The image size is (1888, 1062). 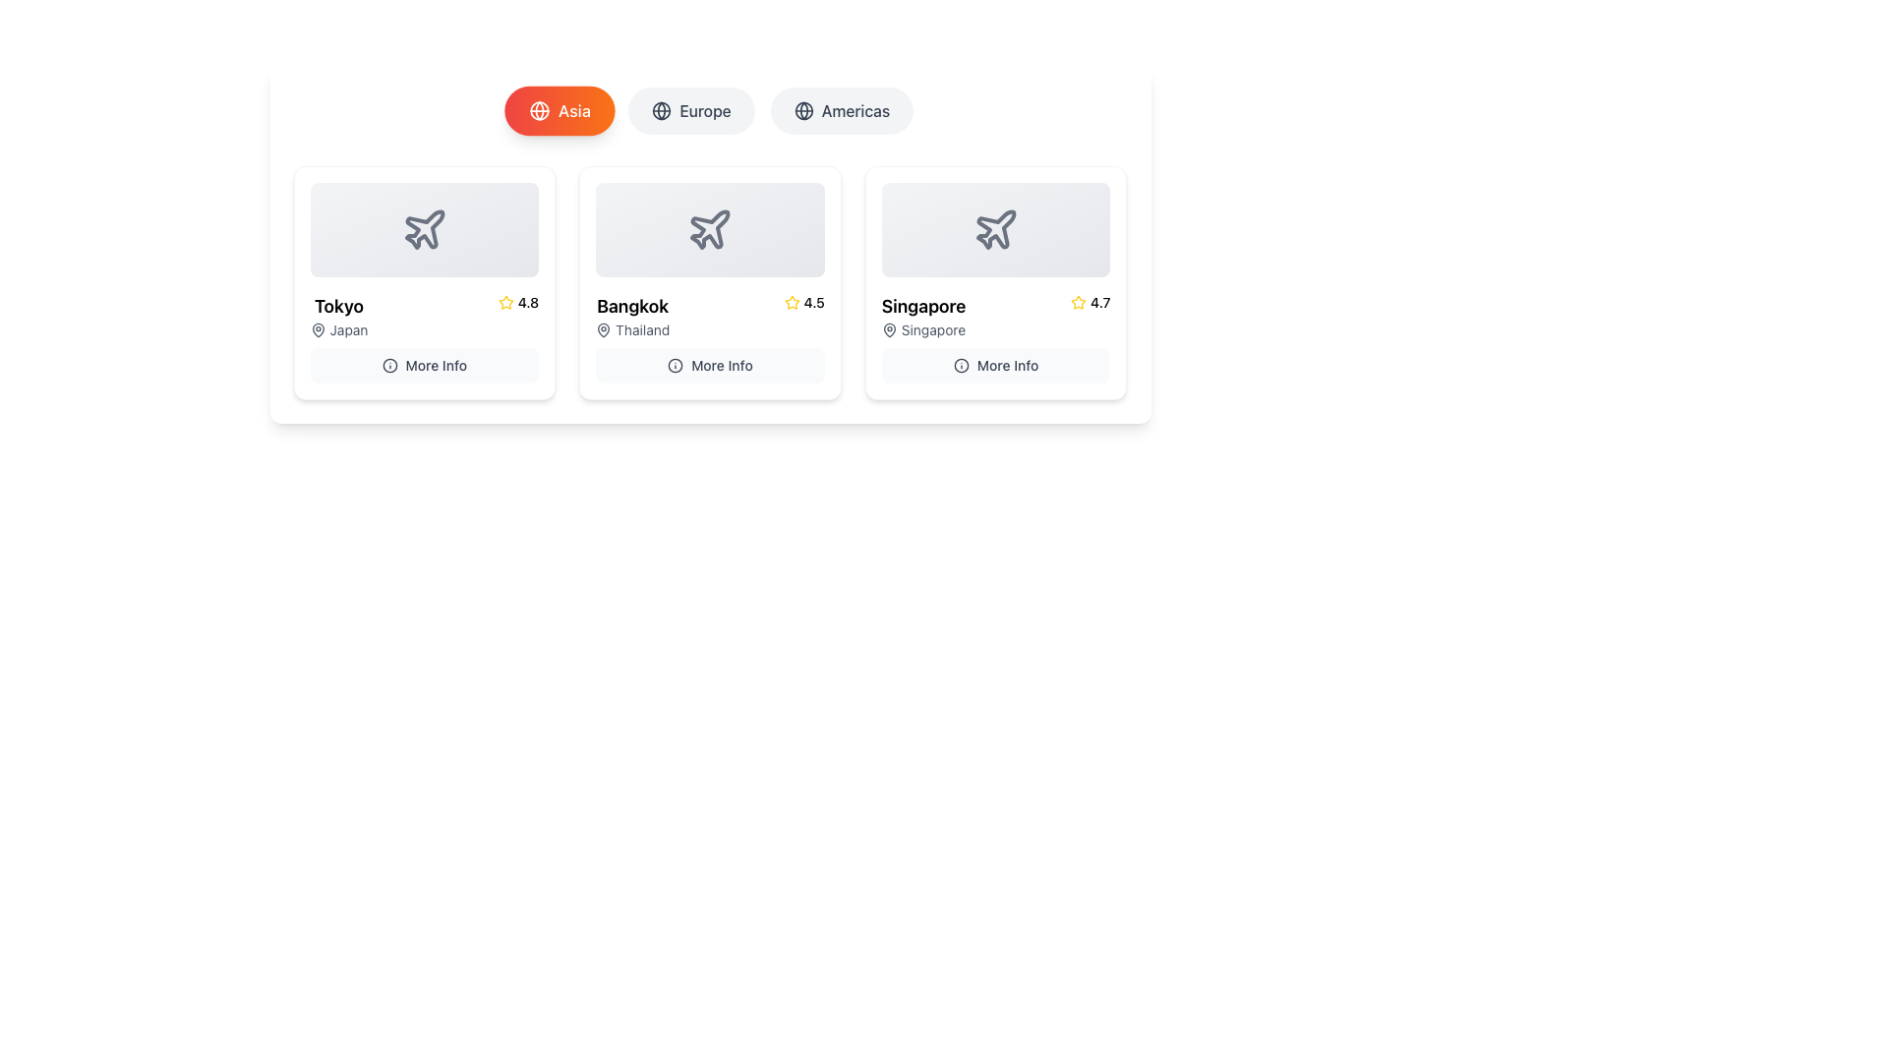 What do you see at coordinates (389, 365) in the screenshot?
I see `the 'More Info' icon located within the first card of the 'Asia' section associated with Tokyo` at bounding box center [389, 365].